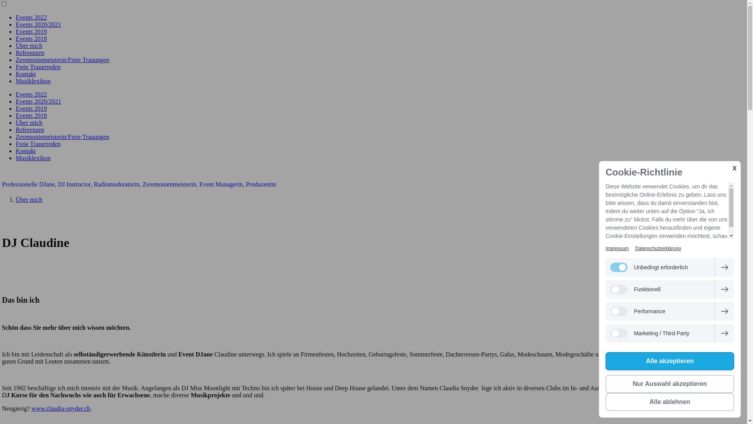  Describe the element at coordinates (669, 384) in the screenshot. I see `'Nur Auswahl akzeptieren'` at that location.